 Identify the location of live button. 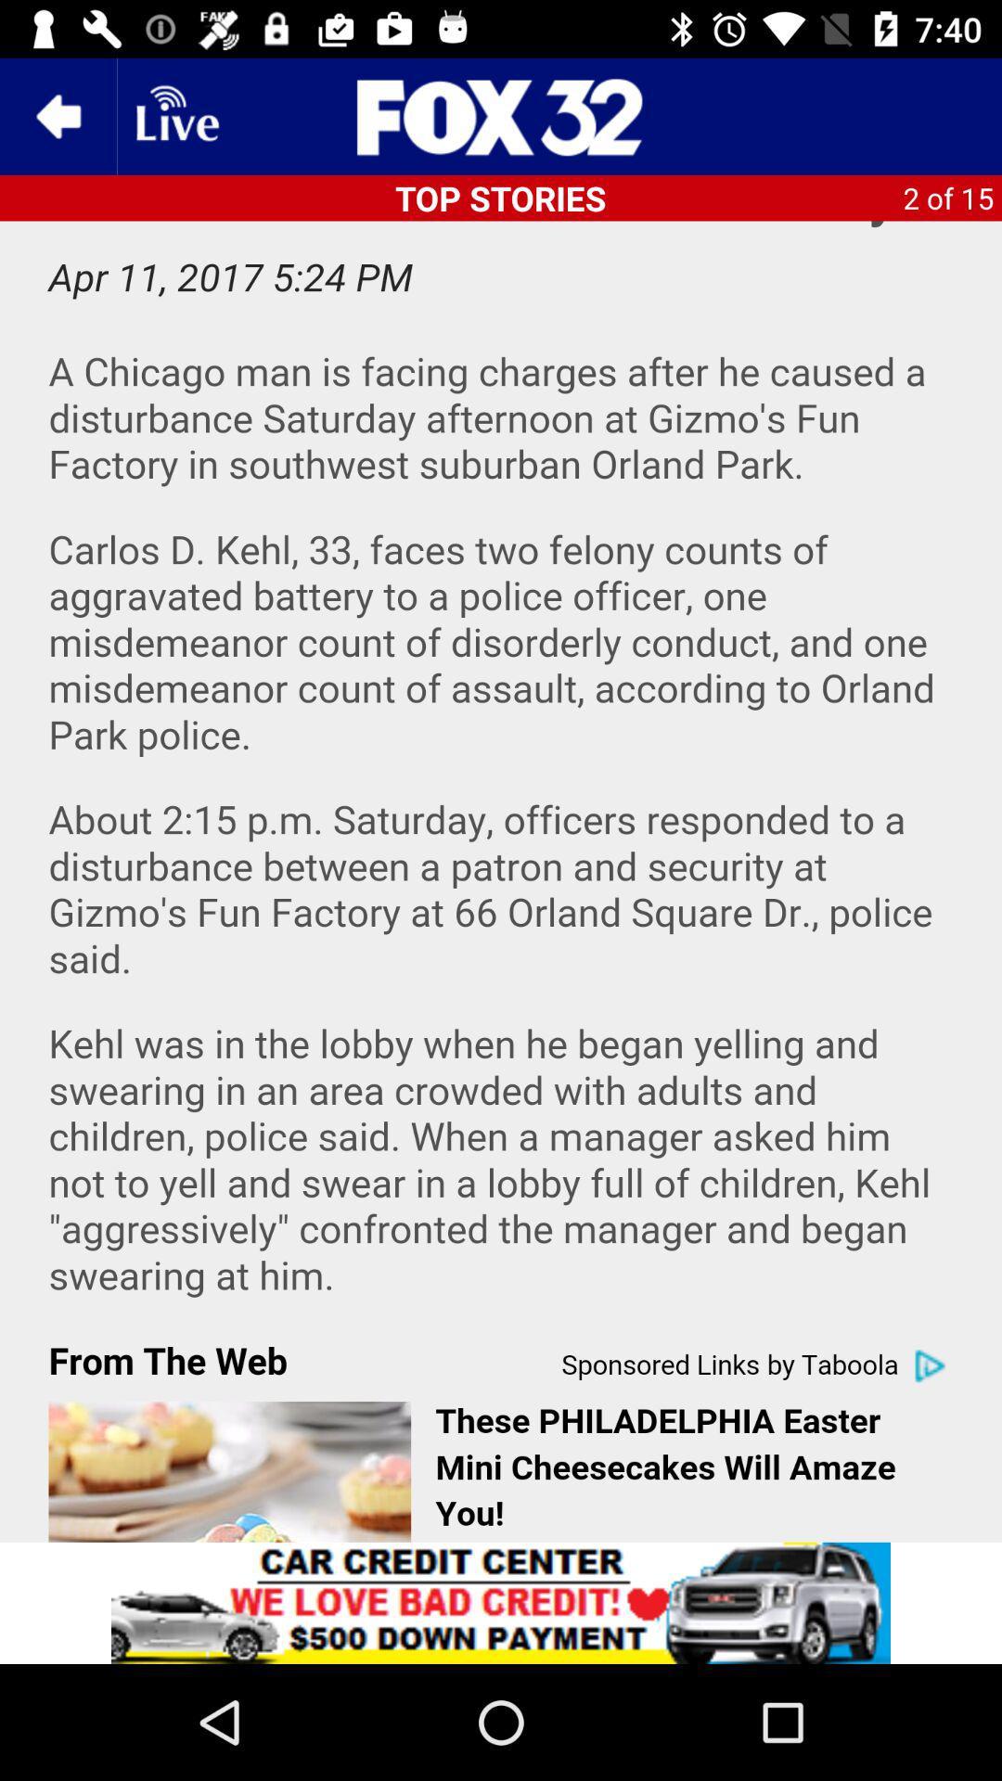
(175, 115).